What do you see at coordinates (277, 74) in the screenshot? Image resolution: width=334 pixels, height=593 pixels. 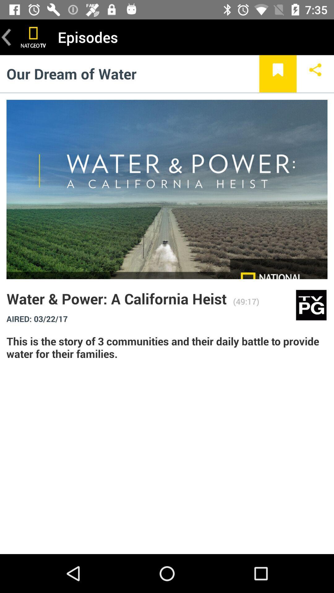 I see `icon below the episodes` at bounding box center [277, 74].